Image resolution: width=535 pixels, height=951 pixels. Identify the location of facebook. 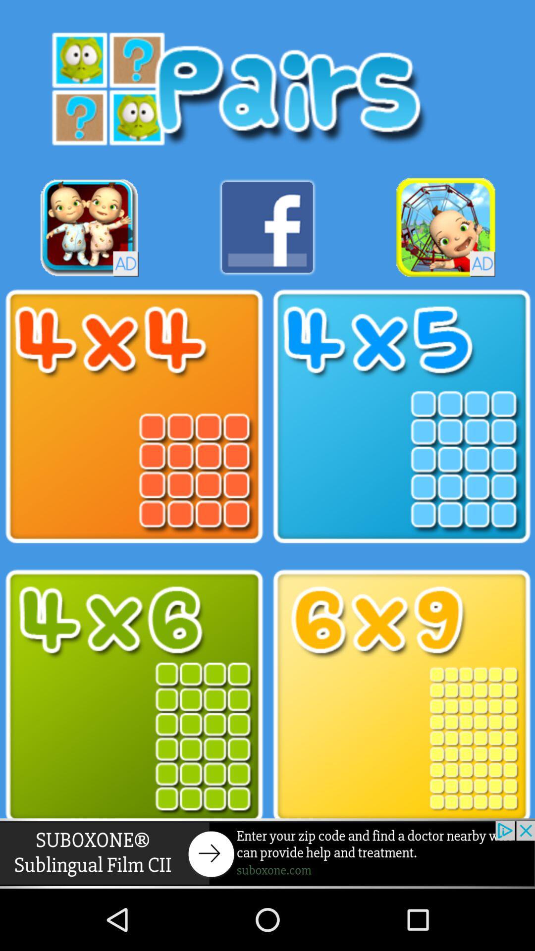
(267, 227).